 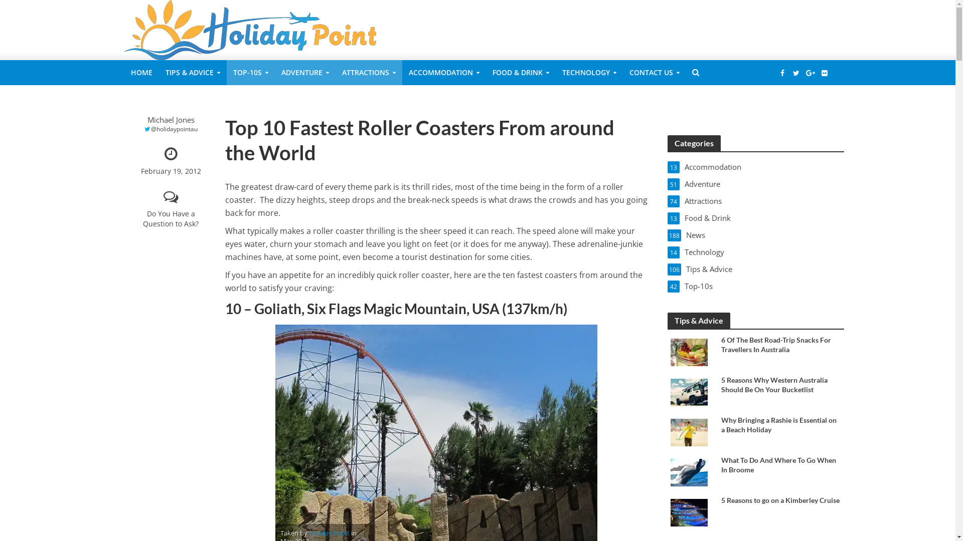 I want to click on 'CONTACT US', so click(x=622, y=72).